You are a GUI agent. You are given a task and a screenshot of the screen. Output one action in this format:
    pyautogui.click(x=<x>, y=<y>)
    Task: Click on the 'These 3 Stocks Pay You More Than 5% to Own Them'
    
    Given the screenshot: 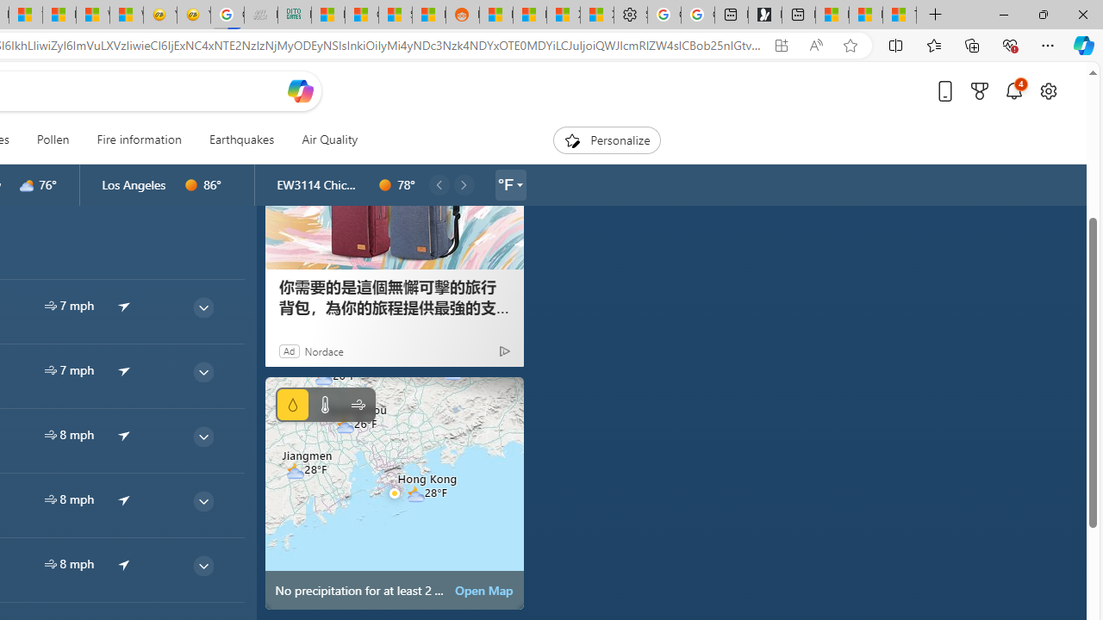 What is the action you would take?
    pyautogui.click(x=899, y=15)
    